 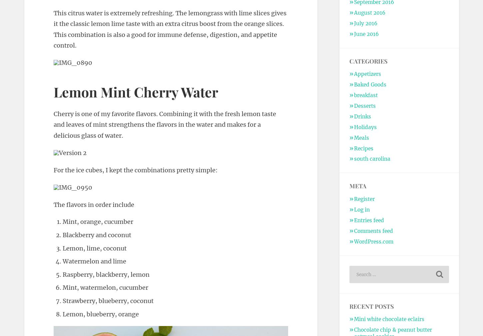 I want to click on 'Raspberry, blackberry, lemon', so click(x=106, y=274).